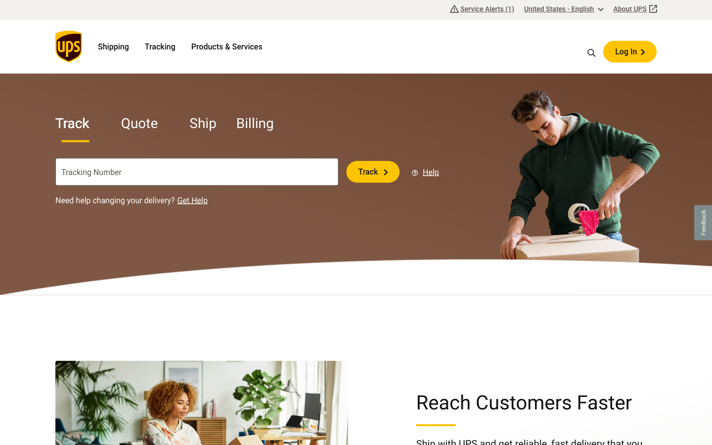 This screenshot has height=445, width=712. What do you see at coordinates (291, 172) in the screenshot?
I see `Erase the data from the tracking bar` at bounding box center [291, 172].